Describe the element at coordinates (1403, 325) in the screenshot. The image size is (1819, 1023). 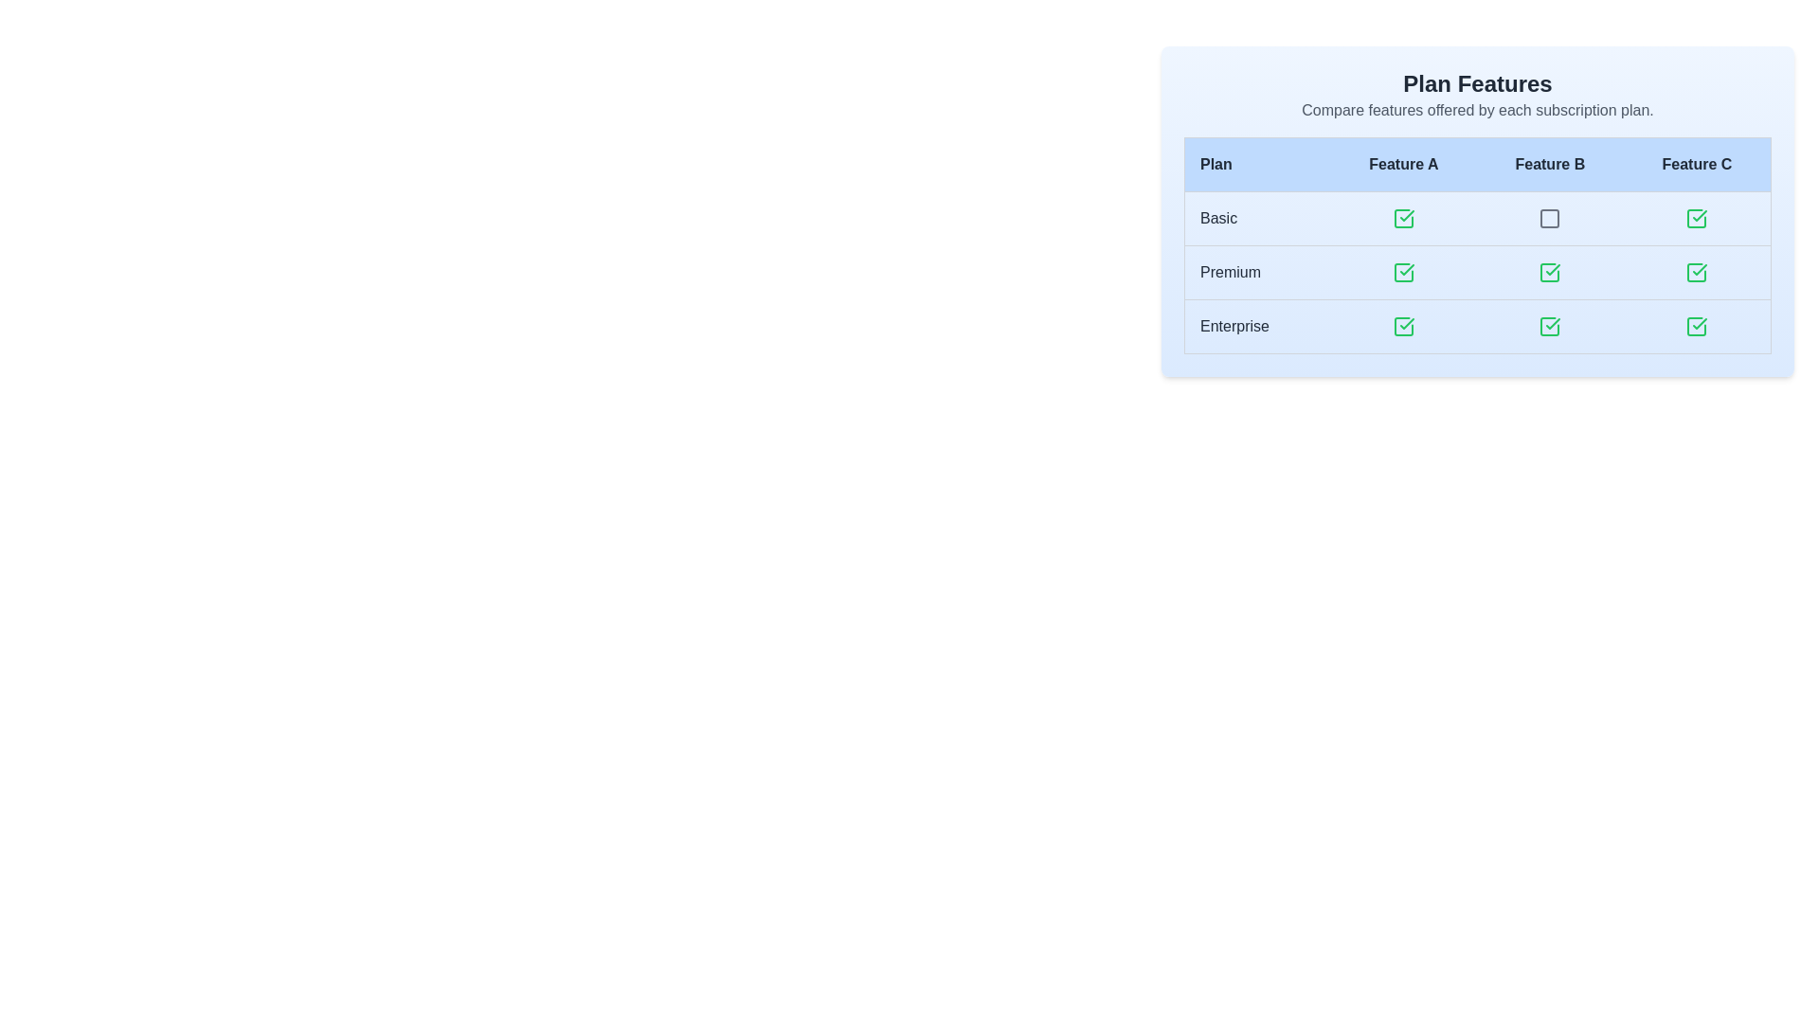
I see `the non-interactive visual indicator checkbox for 'Feature A' under the 'Enterprise' plan in the table` at that location.